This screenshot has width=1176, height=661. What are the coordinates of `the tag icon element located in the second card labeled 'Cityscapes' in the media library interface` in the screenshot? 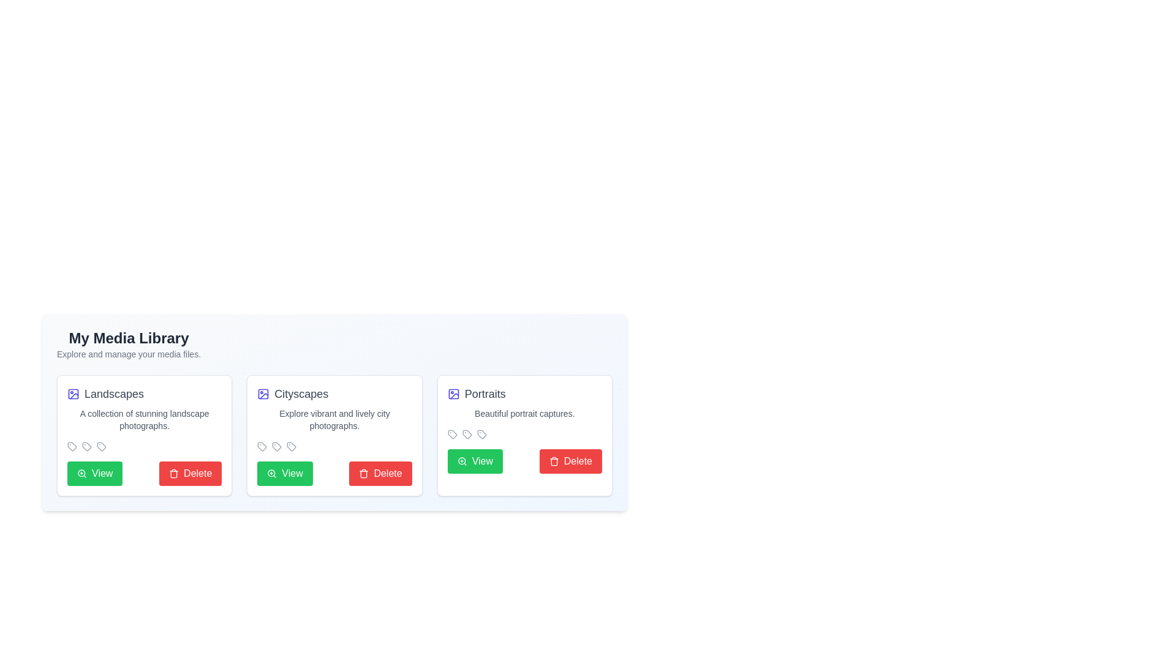 It's located at (276, 446).